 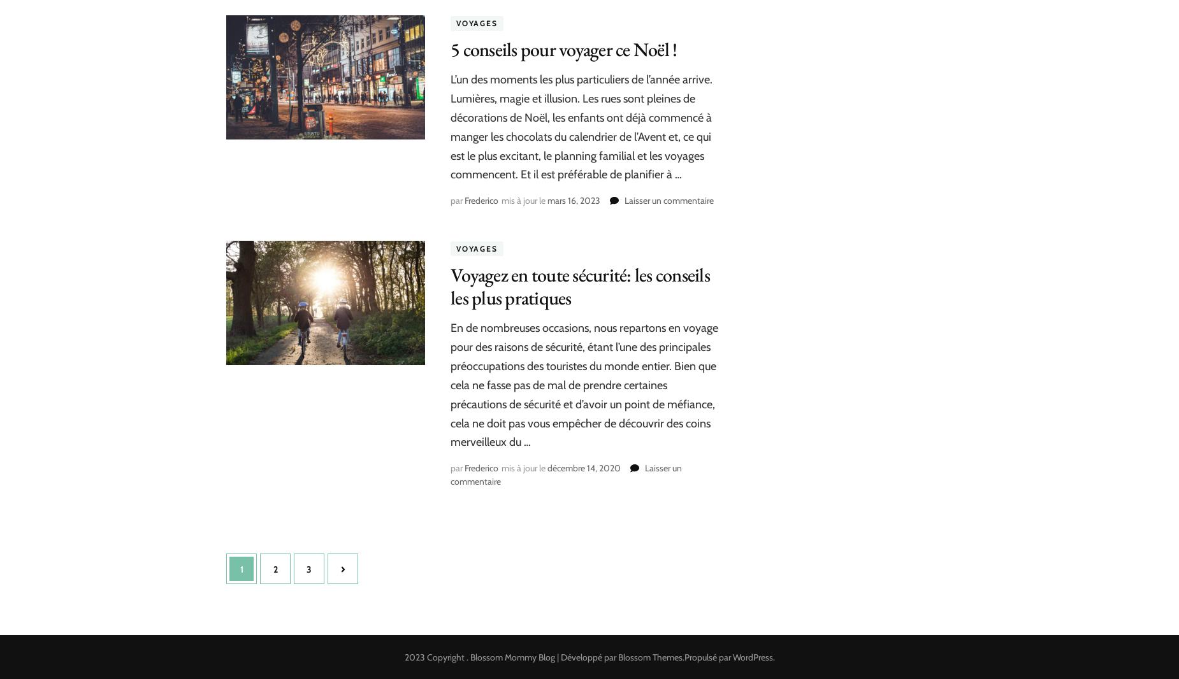 What do you see at coordinates (649, 657) in the screenshot?
I see `'Blossom Themes'` at bounding box center [649, 657].